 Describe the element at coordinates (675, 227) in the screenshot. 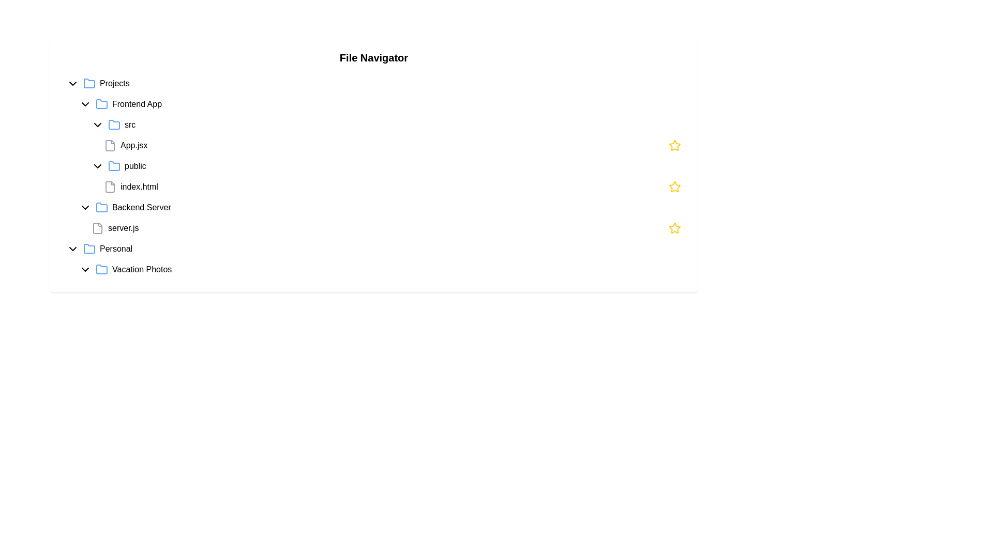

I see `the third icon from the top in the file navigator, located to the right of the 'index.html' file entry` at that location.